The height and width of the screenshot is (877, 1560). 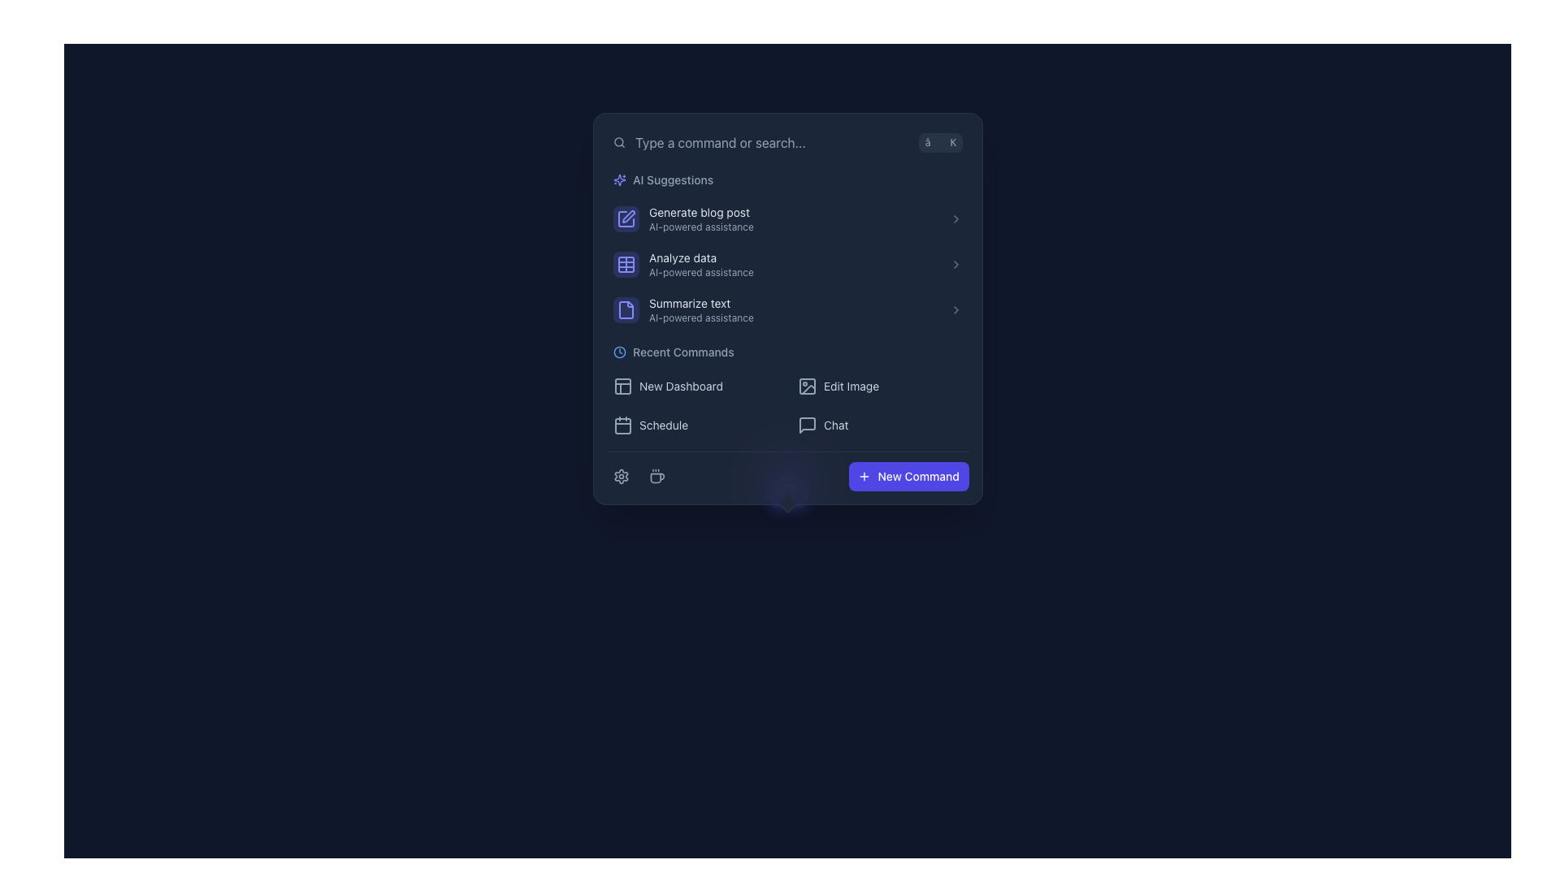 What do you see at coordinates (807, 386) in the screenshot?
I see `the 'Edit Image' icon located in the 'Recent Commands' section of the menu interface, which is positioned to the left of the label 'Edit Image'` at bounding box center [807, 386].